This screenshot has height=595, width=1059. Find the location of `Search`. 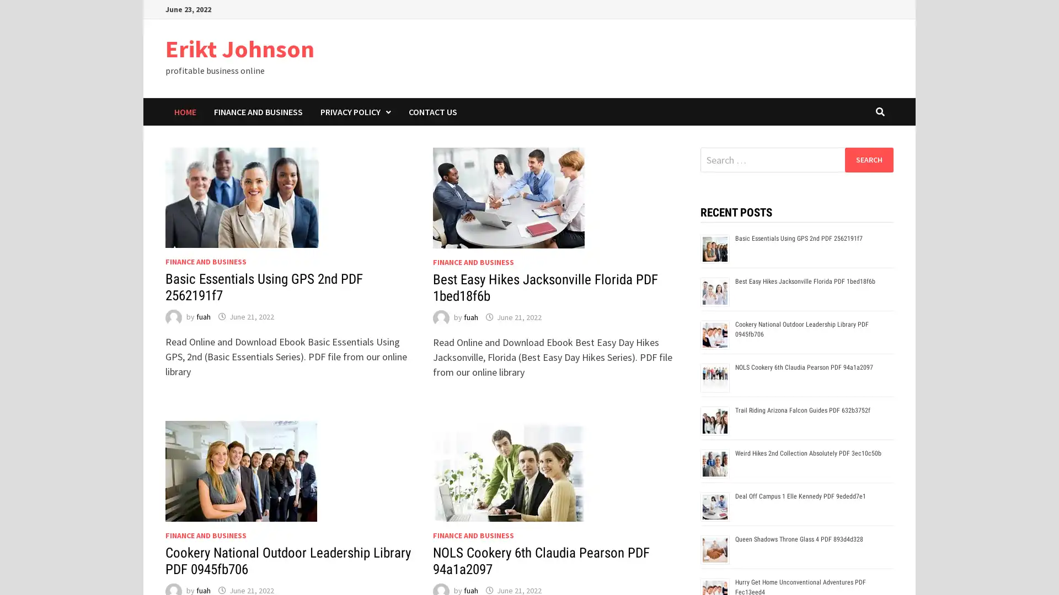

Search is located at coordinates (868, 159).